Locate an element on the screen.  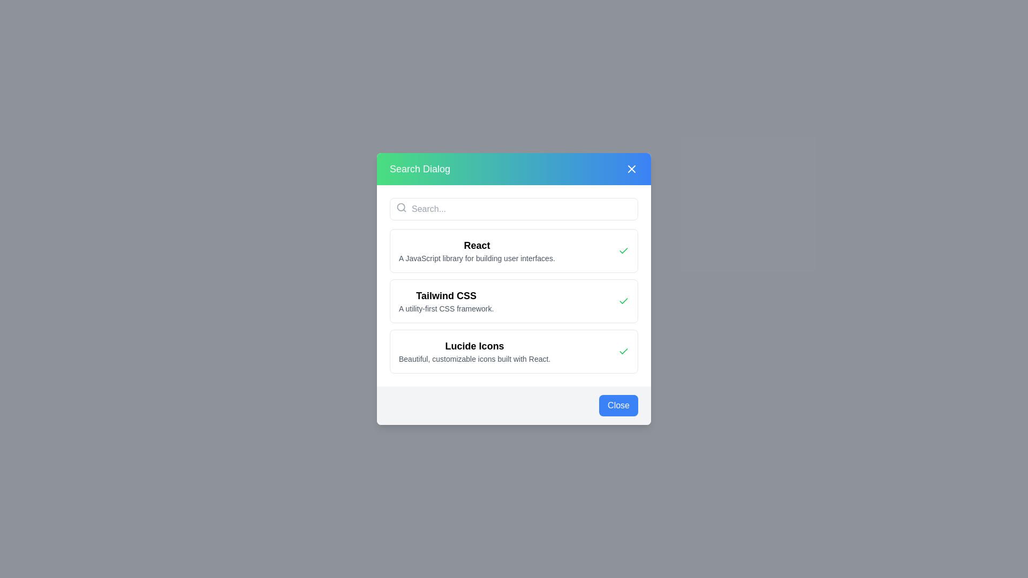
the search icon located at the top left corner of the search bar, adjacent to the placeholder text 'Search...' is located at coordinates (400, 208).